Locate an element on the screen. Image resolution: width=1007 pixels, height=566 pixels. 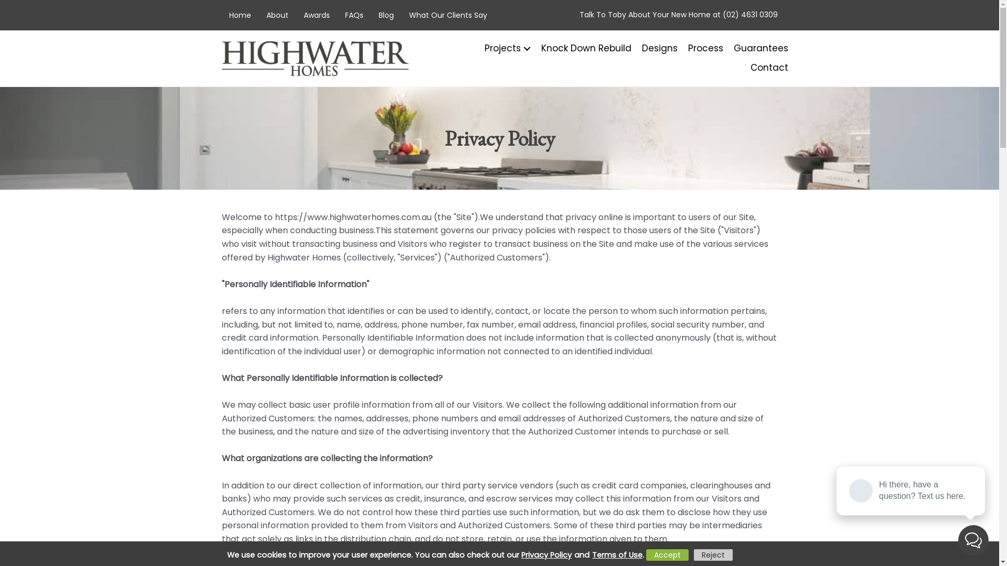
'Knock Down Rebuild' is located at coordinates (580, 48).